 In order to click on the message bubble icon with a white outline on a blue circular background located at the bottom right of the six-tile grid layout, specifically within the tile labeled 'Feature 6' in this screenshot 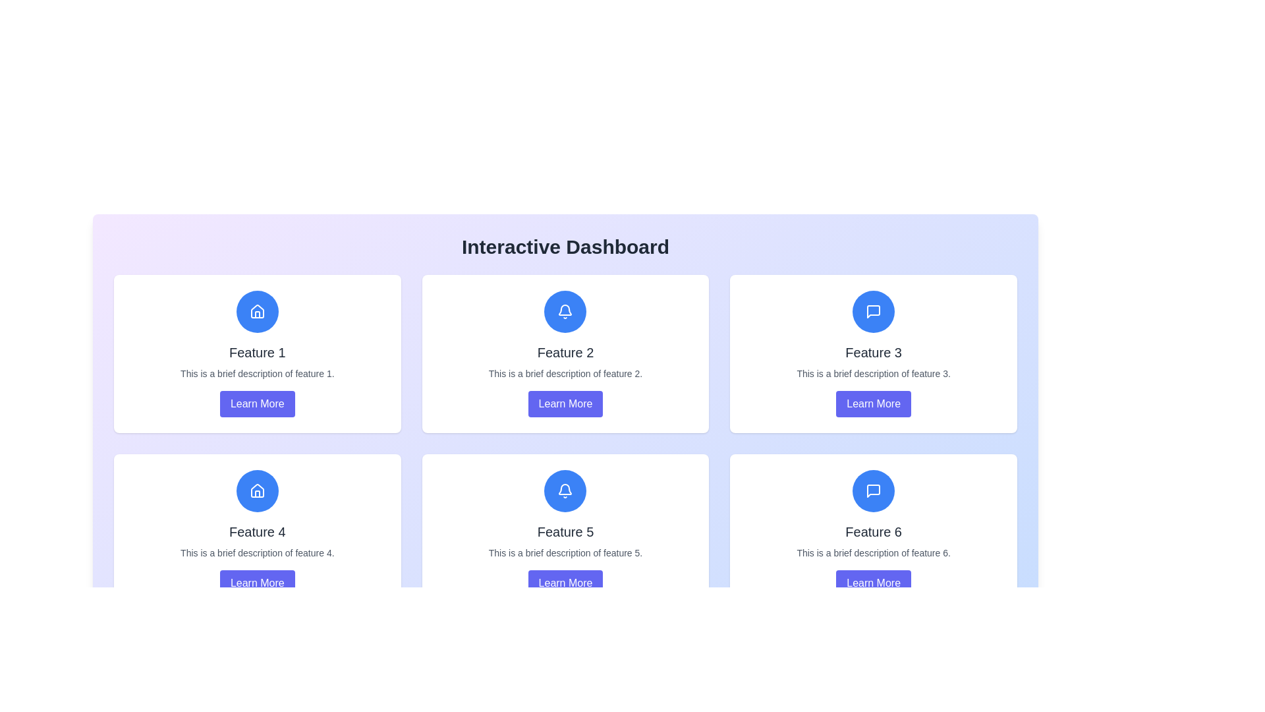, I will do `click(874, 490)`.